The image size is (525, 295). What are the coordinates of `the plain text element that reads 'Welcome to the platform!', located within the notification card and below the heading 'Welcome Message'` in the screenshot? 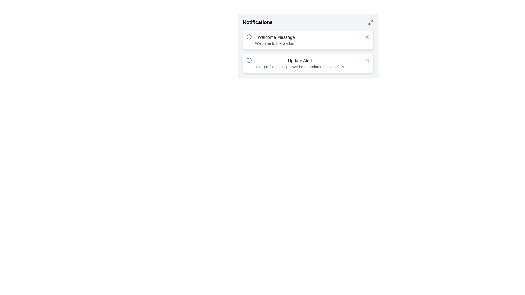 It's located at (276, 43).